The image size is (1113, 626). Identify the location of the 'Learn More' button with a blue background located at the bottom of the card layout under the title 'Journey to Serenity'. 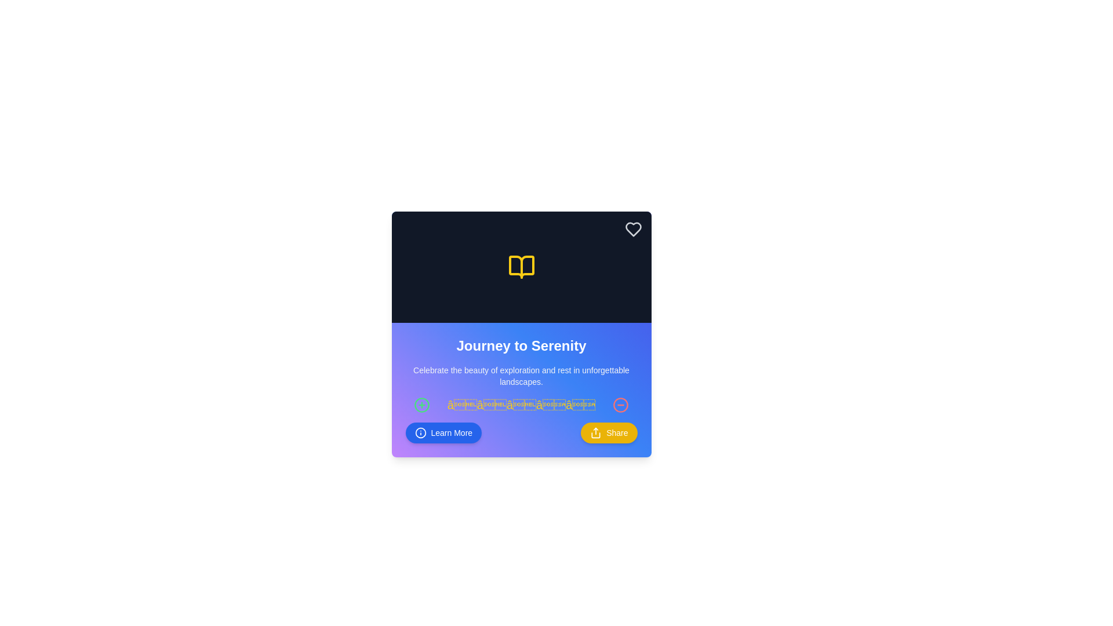
(521, 433).